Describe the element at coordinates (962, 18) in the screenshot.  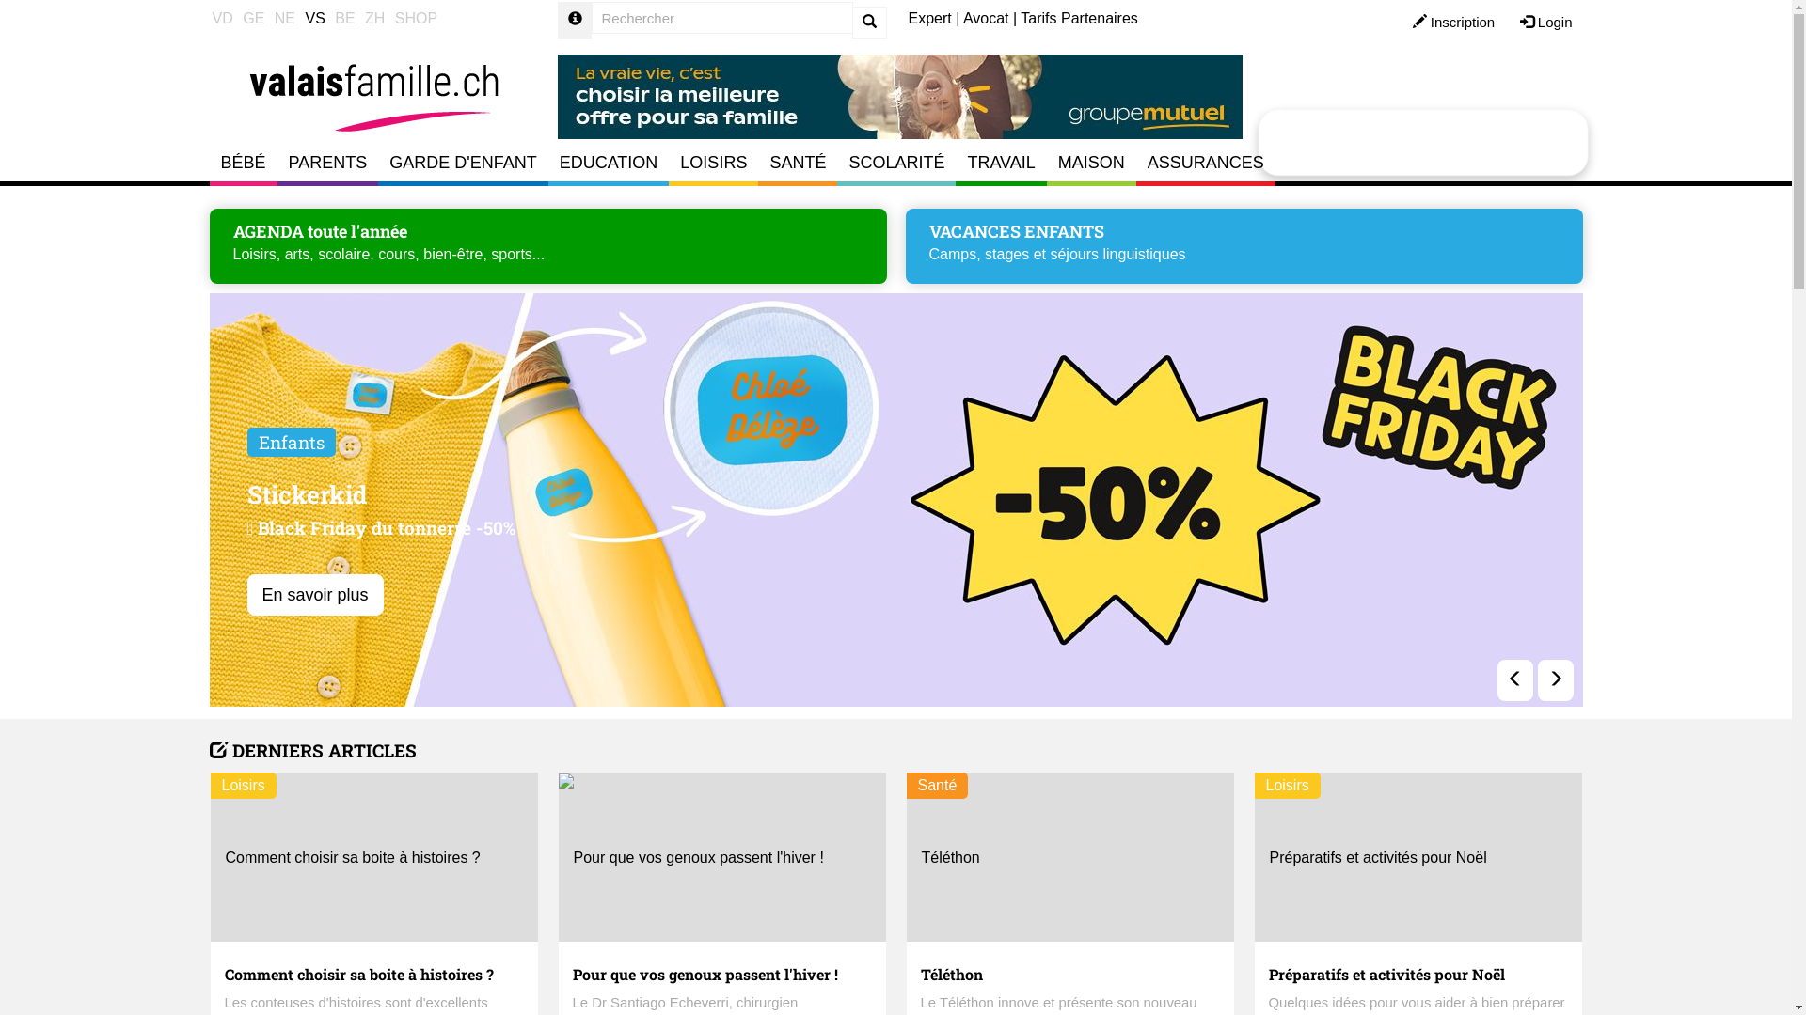
I see `'Avocat'` at that location.